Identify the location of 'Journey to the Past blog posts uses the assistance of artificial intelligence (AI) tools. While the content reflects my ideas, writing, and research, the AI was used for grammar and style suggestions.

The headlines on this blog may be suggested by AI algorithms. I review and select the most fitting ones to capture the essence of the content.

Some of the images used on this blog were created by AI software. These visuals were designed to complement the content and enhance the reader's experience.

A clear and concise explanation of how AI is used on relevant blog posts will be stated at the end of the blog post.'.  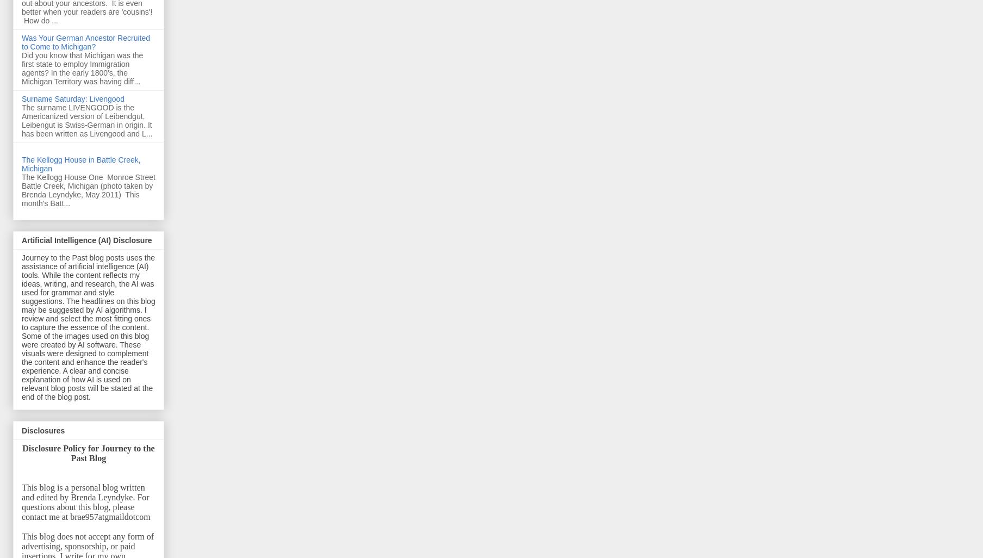
(88, 326).